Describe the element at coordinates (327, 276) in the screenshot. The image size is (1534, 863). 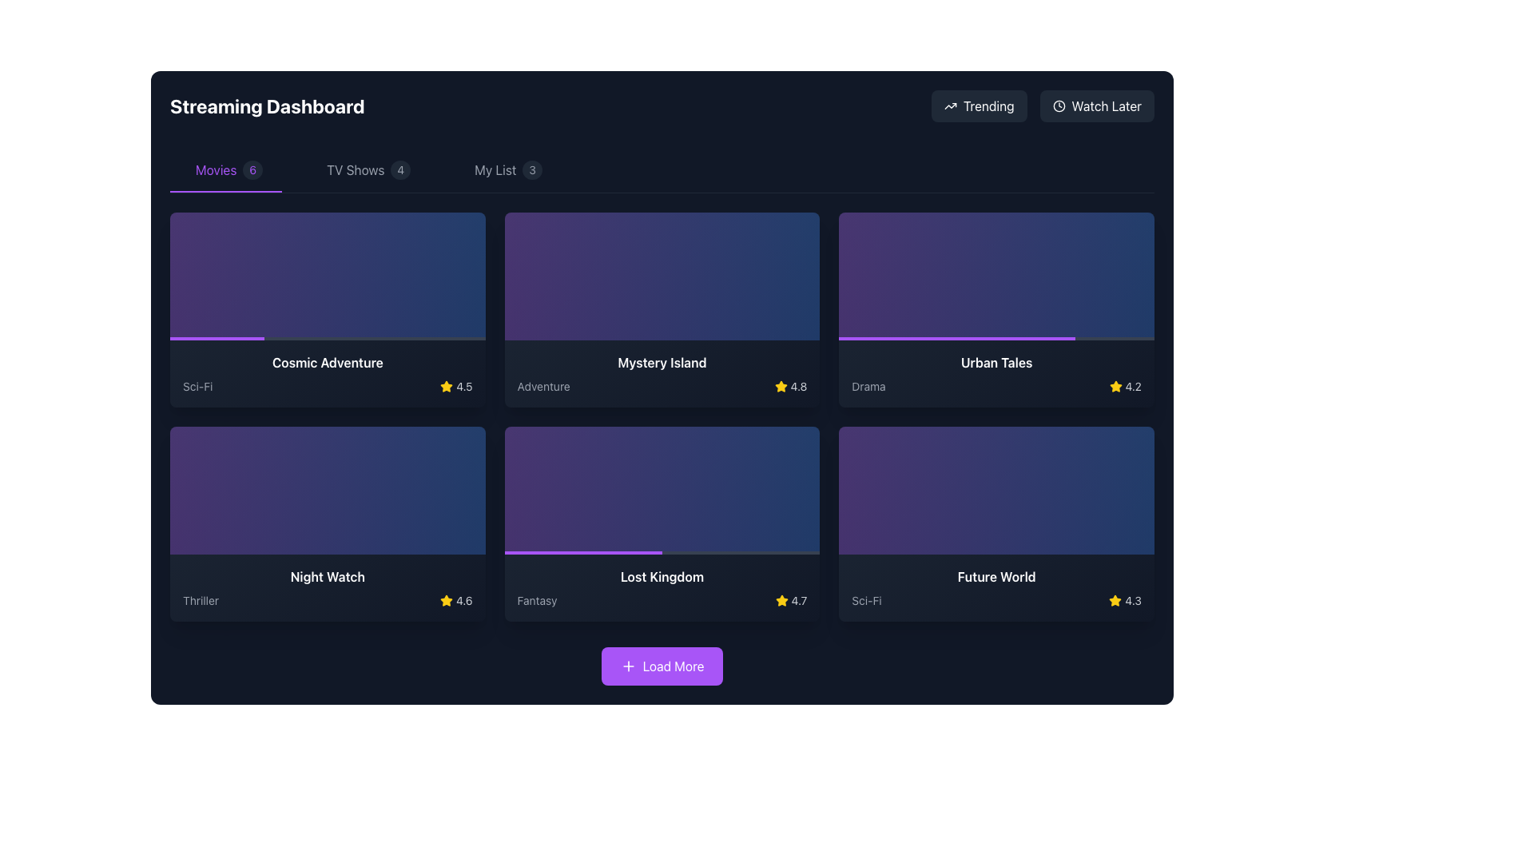
I see `the decorative background of the 'Cosmic Adventure' card, which is located at the top section and enhances the card's appearance` at that location.